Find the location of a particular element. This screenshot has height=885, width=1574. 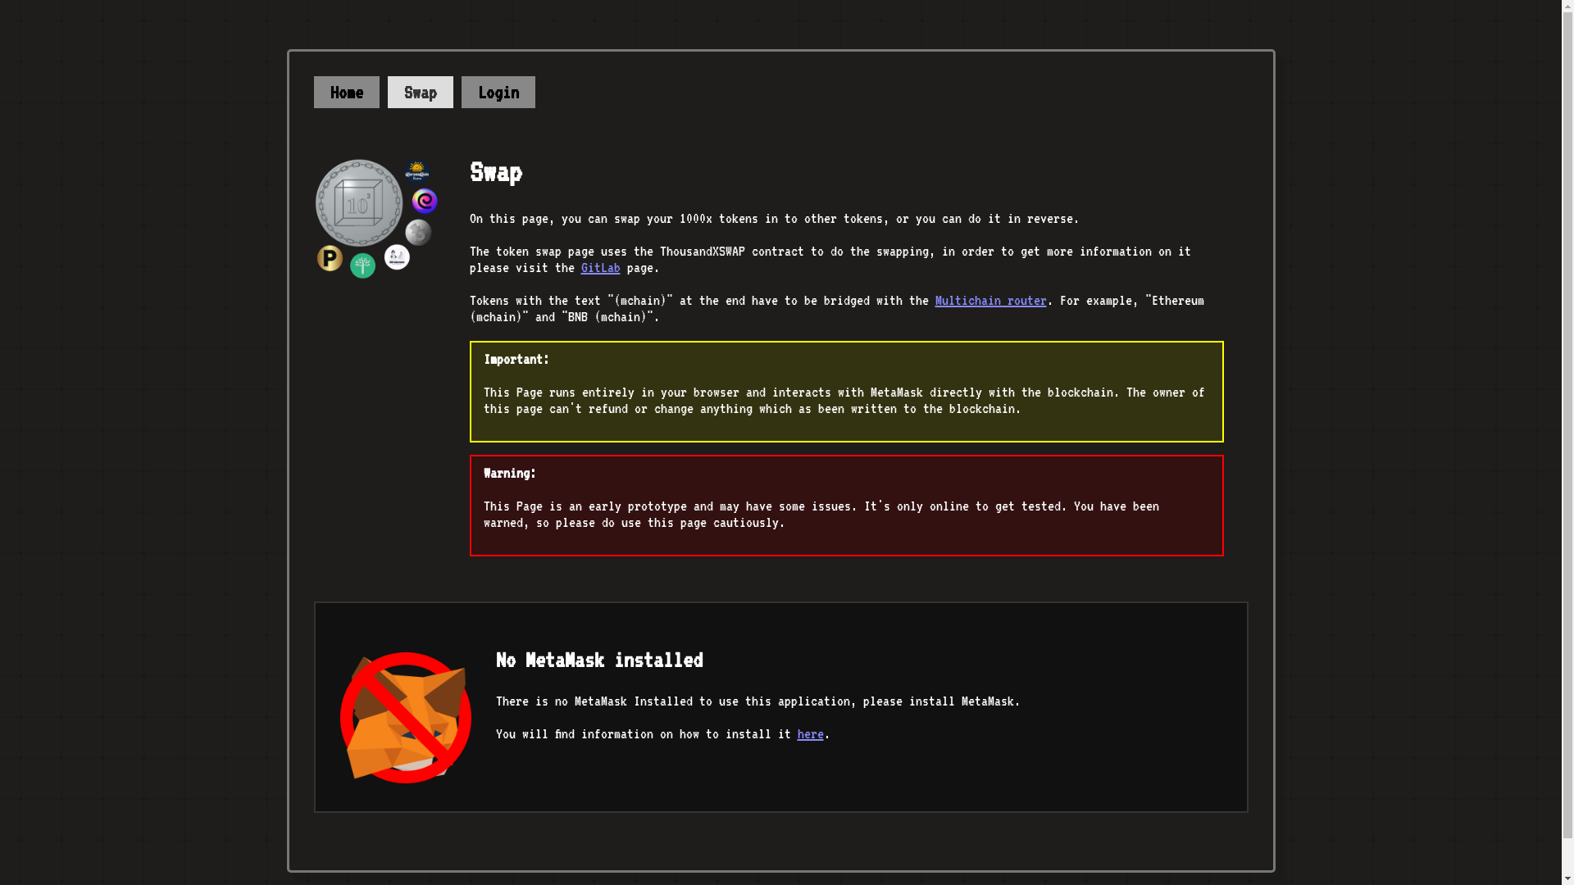

'Login' is located at coordinates (496, 92).